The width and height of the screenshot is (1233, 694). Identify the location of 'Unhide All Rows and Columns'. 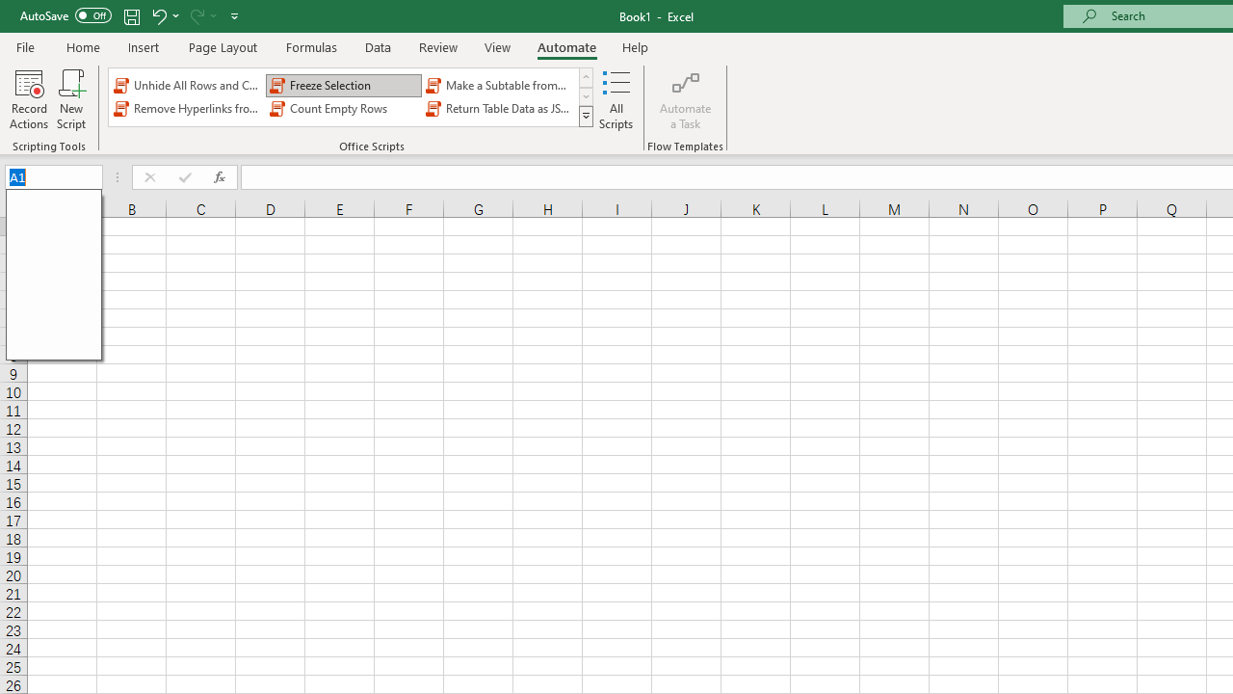
(188, 84).